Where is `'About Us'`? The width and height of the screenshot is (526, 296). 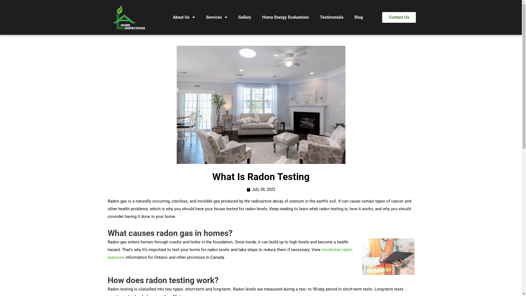 'About Us' is located at coordinates (184, 17).